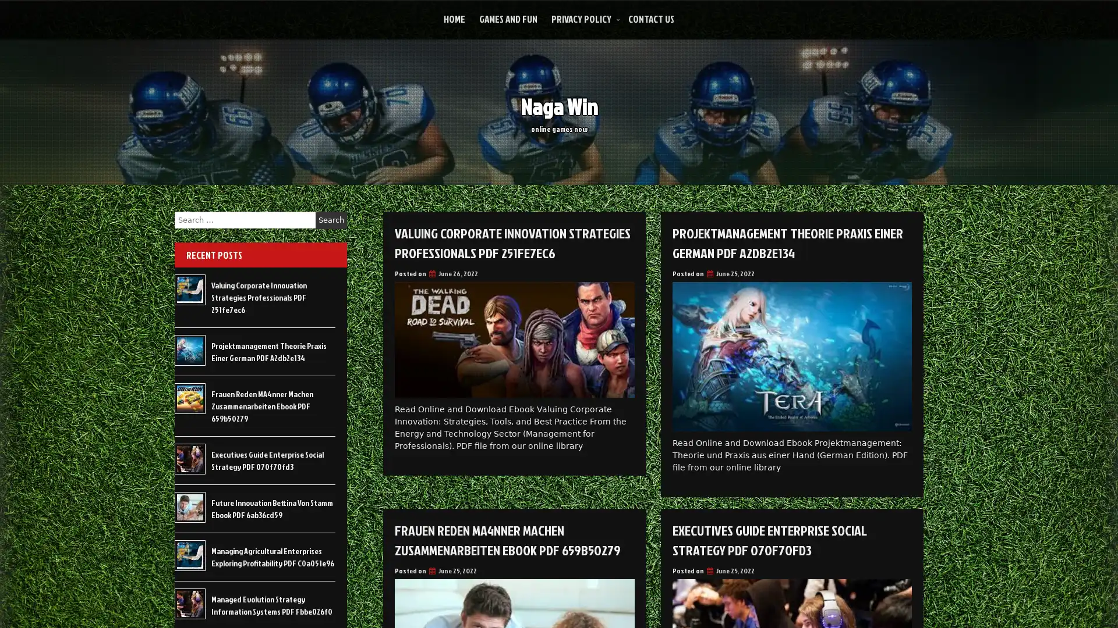 The image size is (1118, 628). What do you see at coordinates (331, 220) in the screenshot?
I see `Search` at bounding box center [331, 220].